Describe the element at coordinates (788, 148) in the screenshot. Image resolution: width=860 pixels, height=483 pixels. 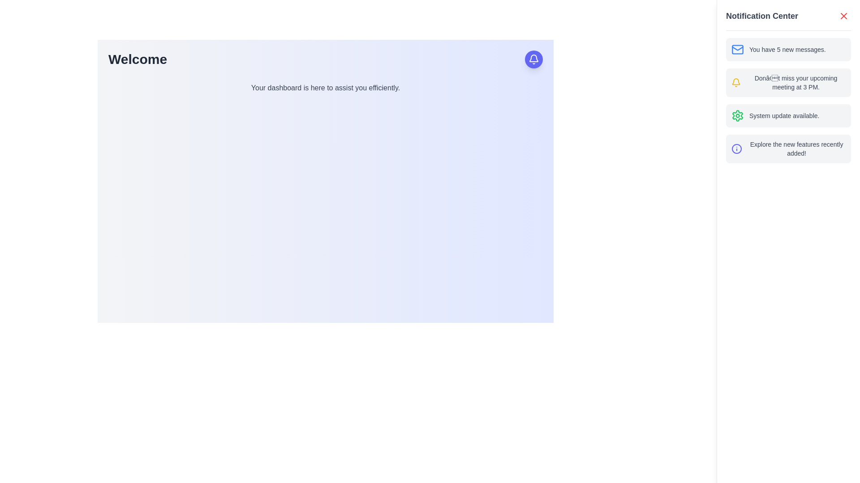
I see `the content of the fourth notification card in the Notification Center, which features an indigo circled lowercase 'i' icon and the text 'Explore the new features recently added!'` at that location.